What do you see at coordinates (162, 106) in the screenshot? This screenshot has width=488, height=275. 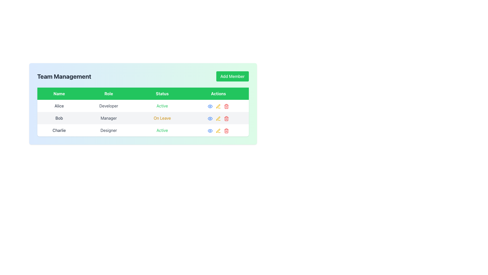 I see `the Static Text element displaying 'Active' in bold green font, located in the third column labeled 'Status' under the row for 'Alice'` at bounding box center [162, 106].